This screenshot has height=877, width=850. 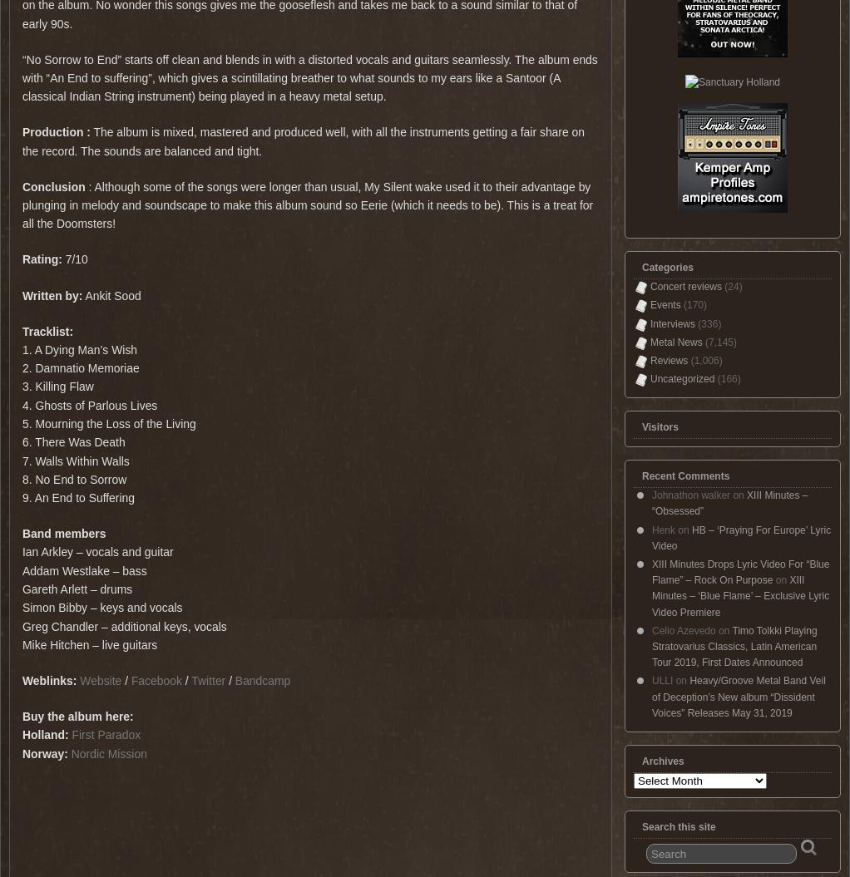 I want to click on 'Norway:', so click(x=21, y=752).